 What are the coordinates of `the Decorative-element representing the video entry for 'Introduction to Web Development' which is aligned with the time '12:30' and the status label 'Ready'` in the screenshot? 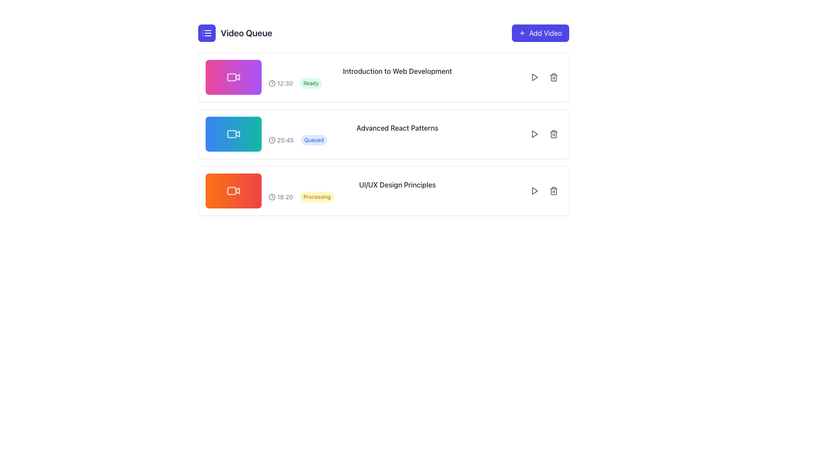 It's located at (233, 77).